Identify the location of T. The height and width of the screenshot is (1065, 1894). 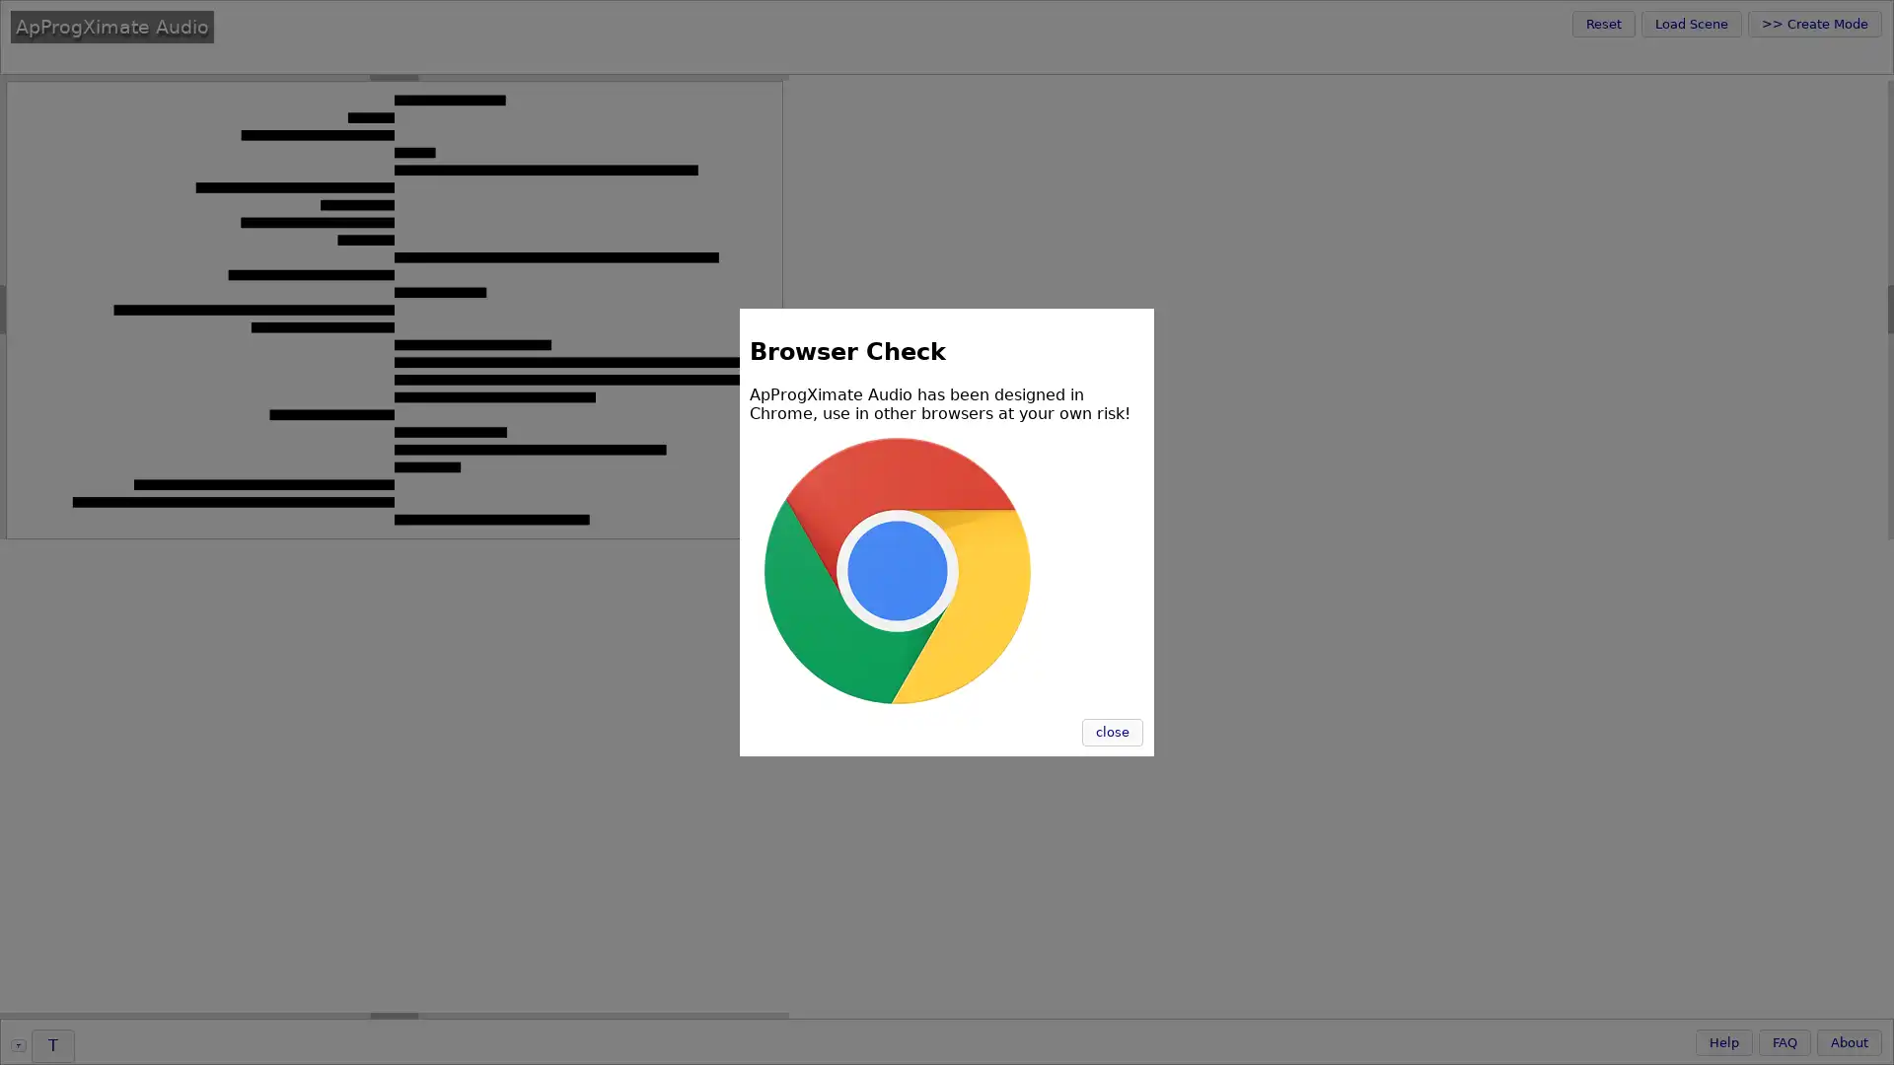
(18, 1035).